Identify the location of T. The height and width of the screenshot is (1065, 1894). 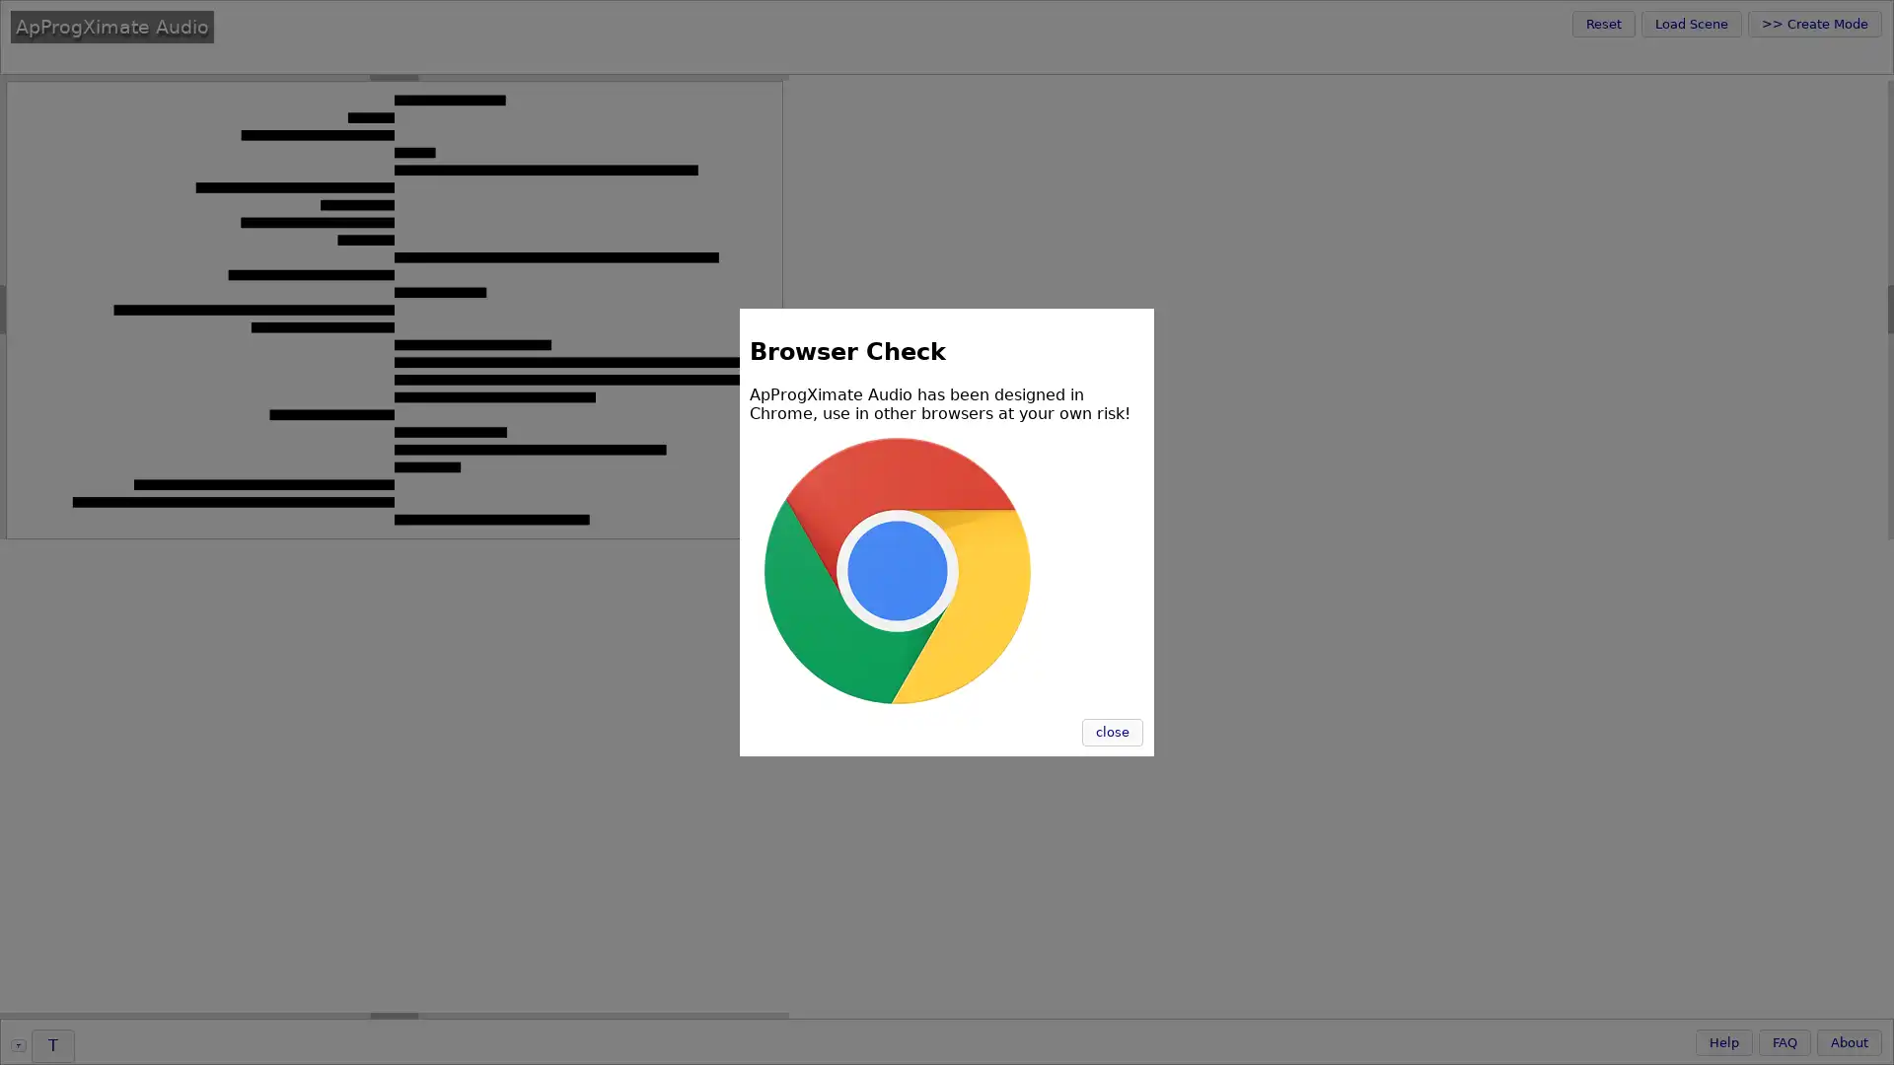
(18, 1035).